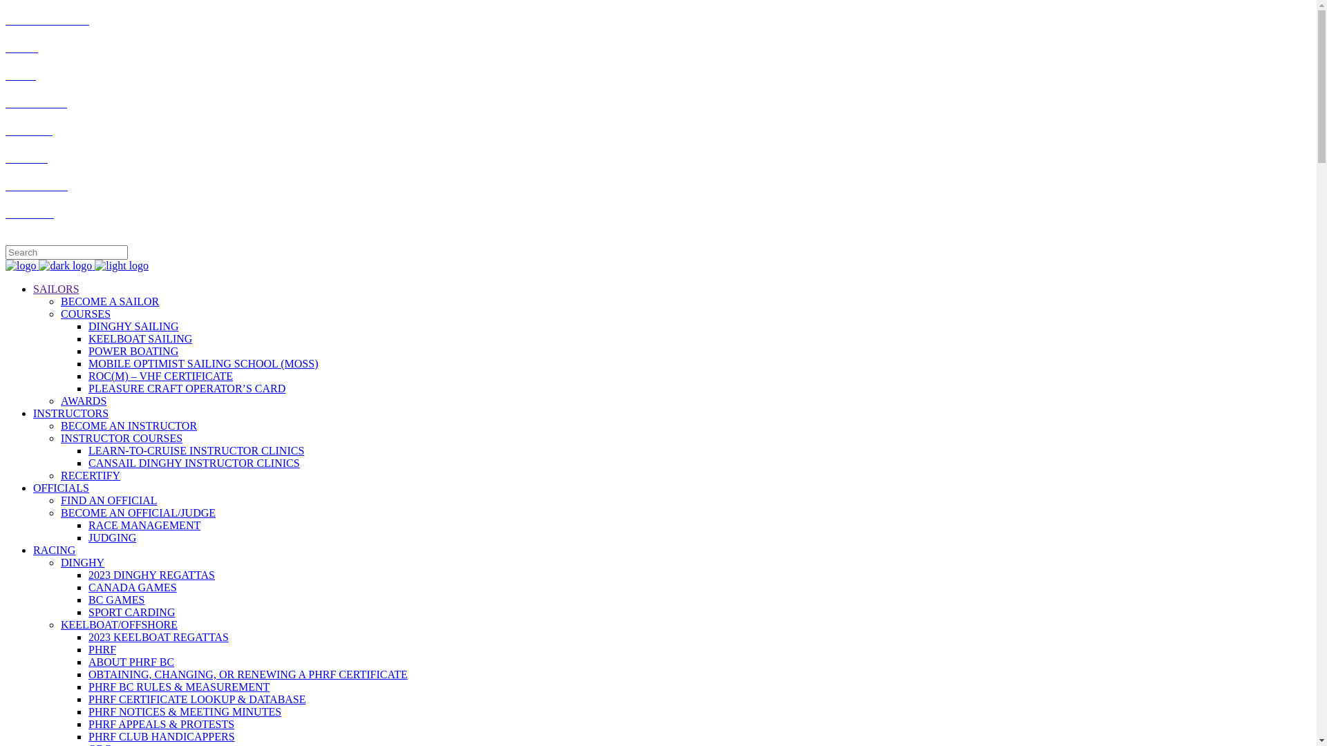  Describe the element at coordinates (131, 661) in the screenshot. I see `'ABOUT PHRF BC'` at that location.